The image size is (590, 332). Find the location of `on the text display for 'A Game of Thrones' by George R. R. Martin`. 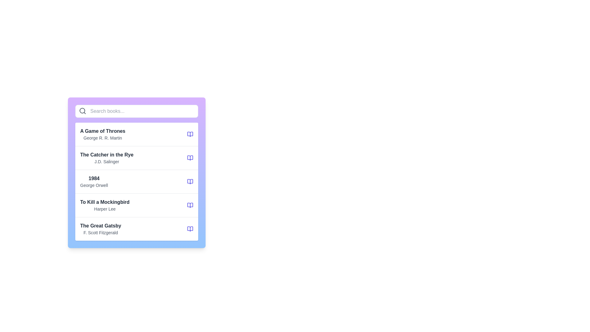

on the text display for 'A Game of Thrones' by George R. R. Martin is located at coordinates (103, 134).